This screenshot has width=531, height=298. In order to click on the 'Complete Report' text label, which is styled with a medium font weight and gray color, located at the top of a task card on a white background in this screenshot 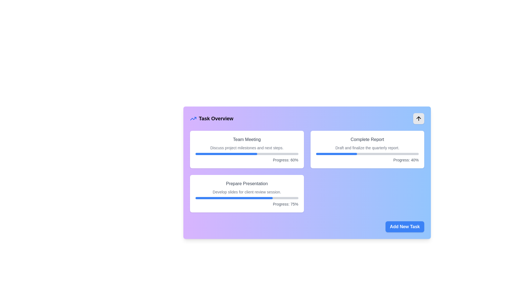, I will do `click(367, 139)`.